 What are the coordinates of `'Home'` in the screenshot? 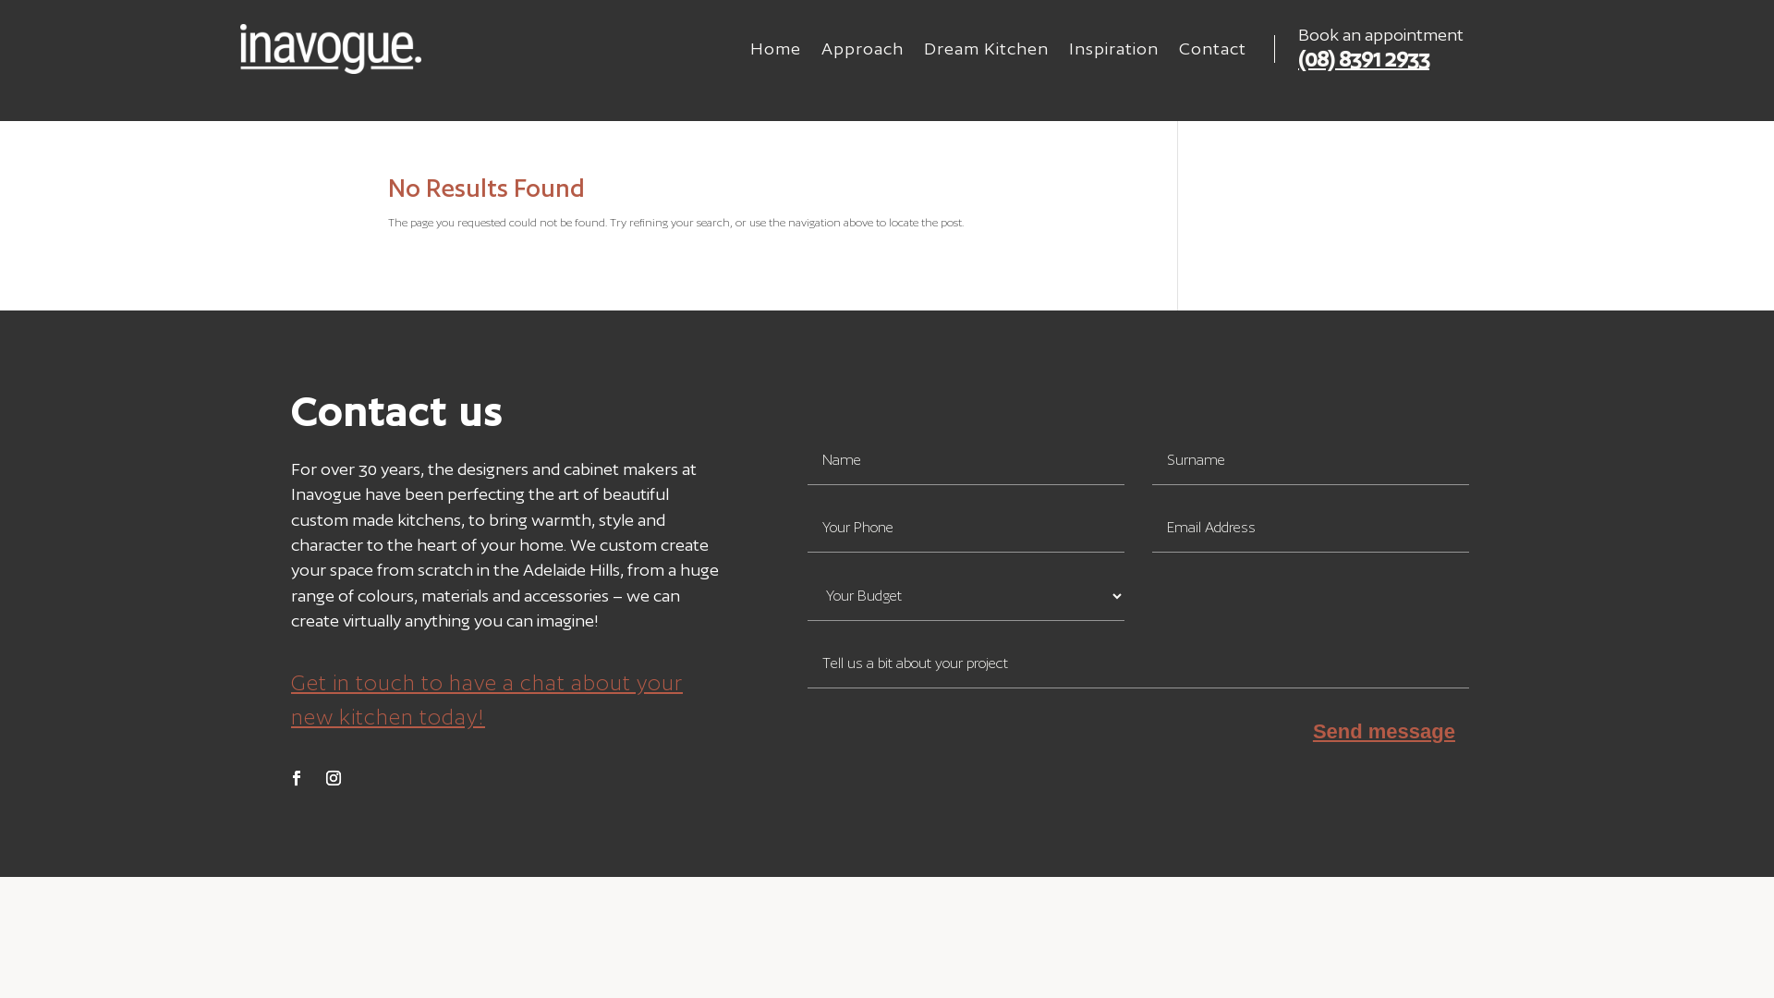 It's located at (775, 52).